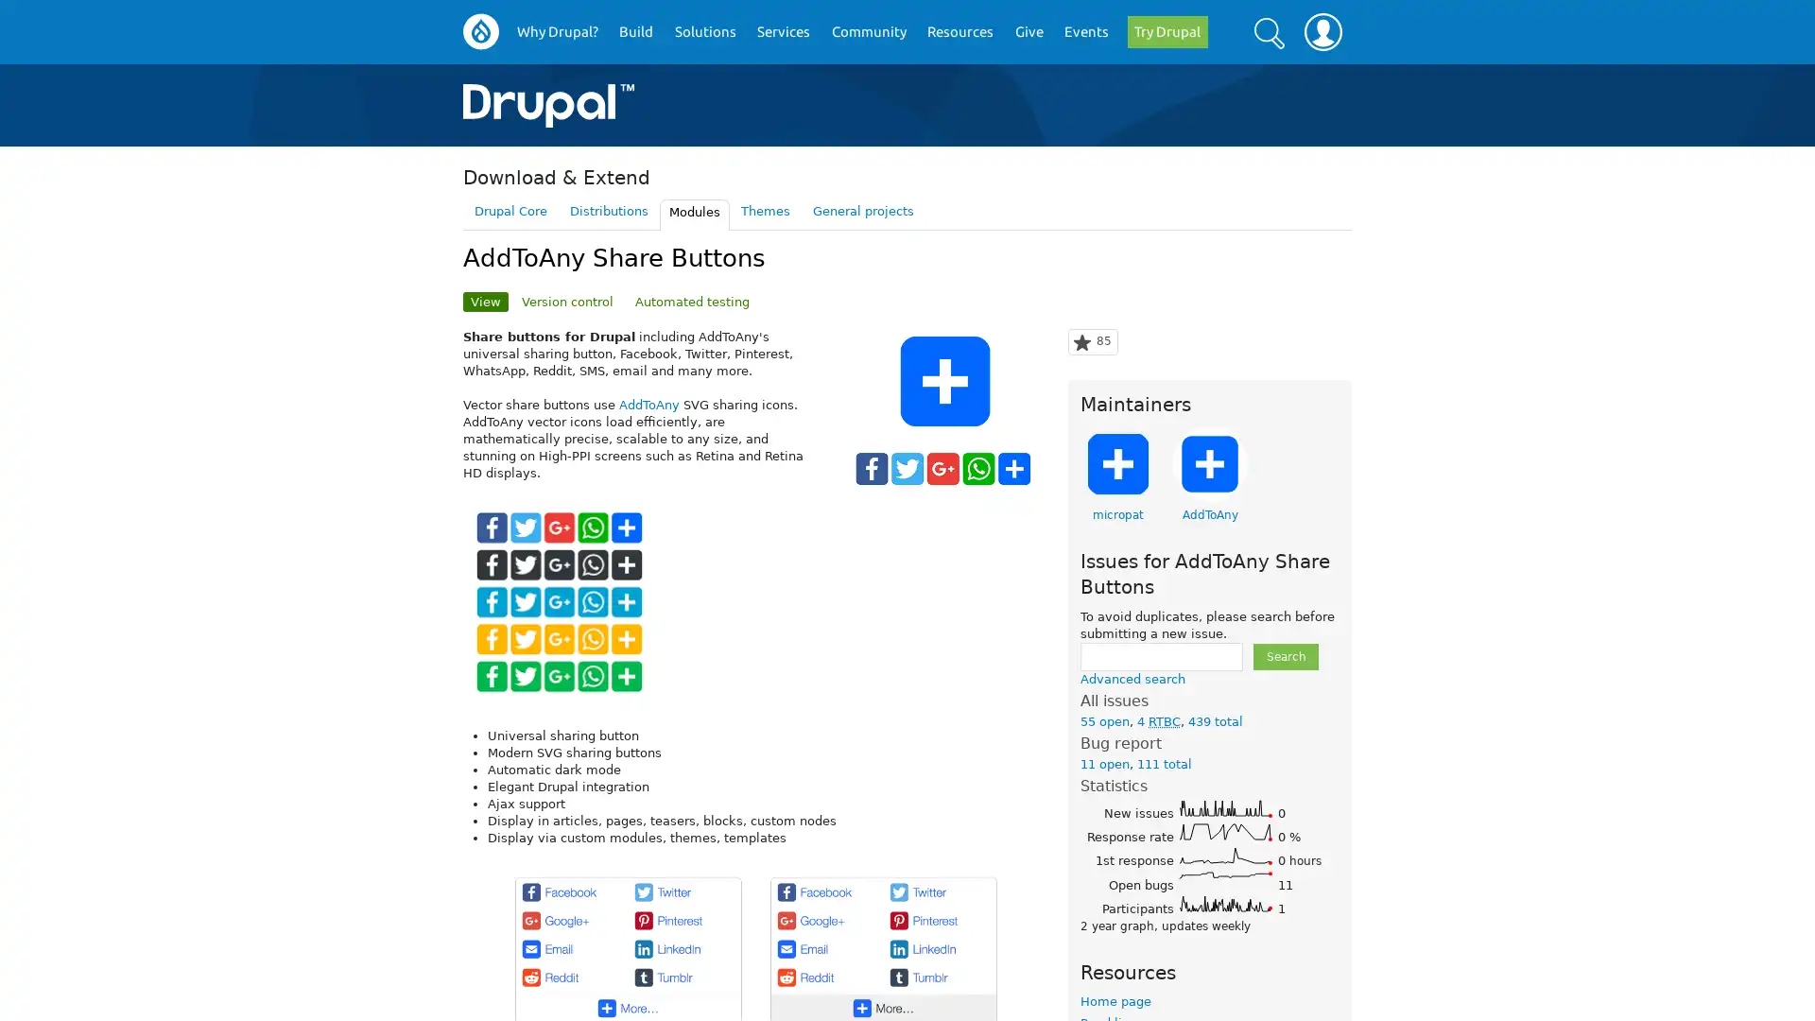 This screenshot has width=1815, height=1021. What do you see at coordinates (1269, 32) in the screenshot?
I see `Search` at bounding box center [1269, 32].